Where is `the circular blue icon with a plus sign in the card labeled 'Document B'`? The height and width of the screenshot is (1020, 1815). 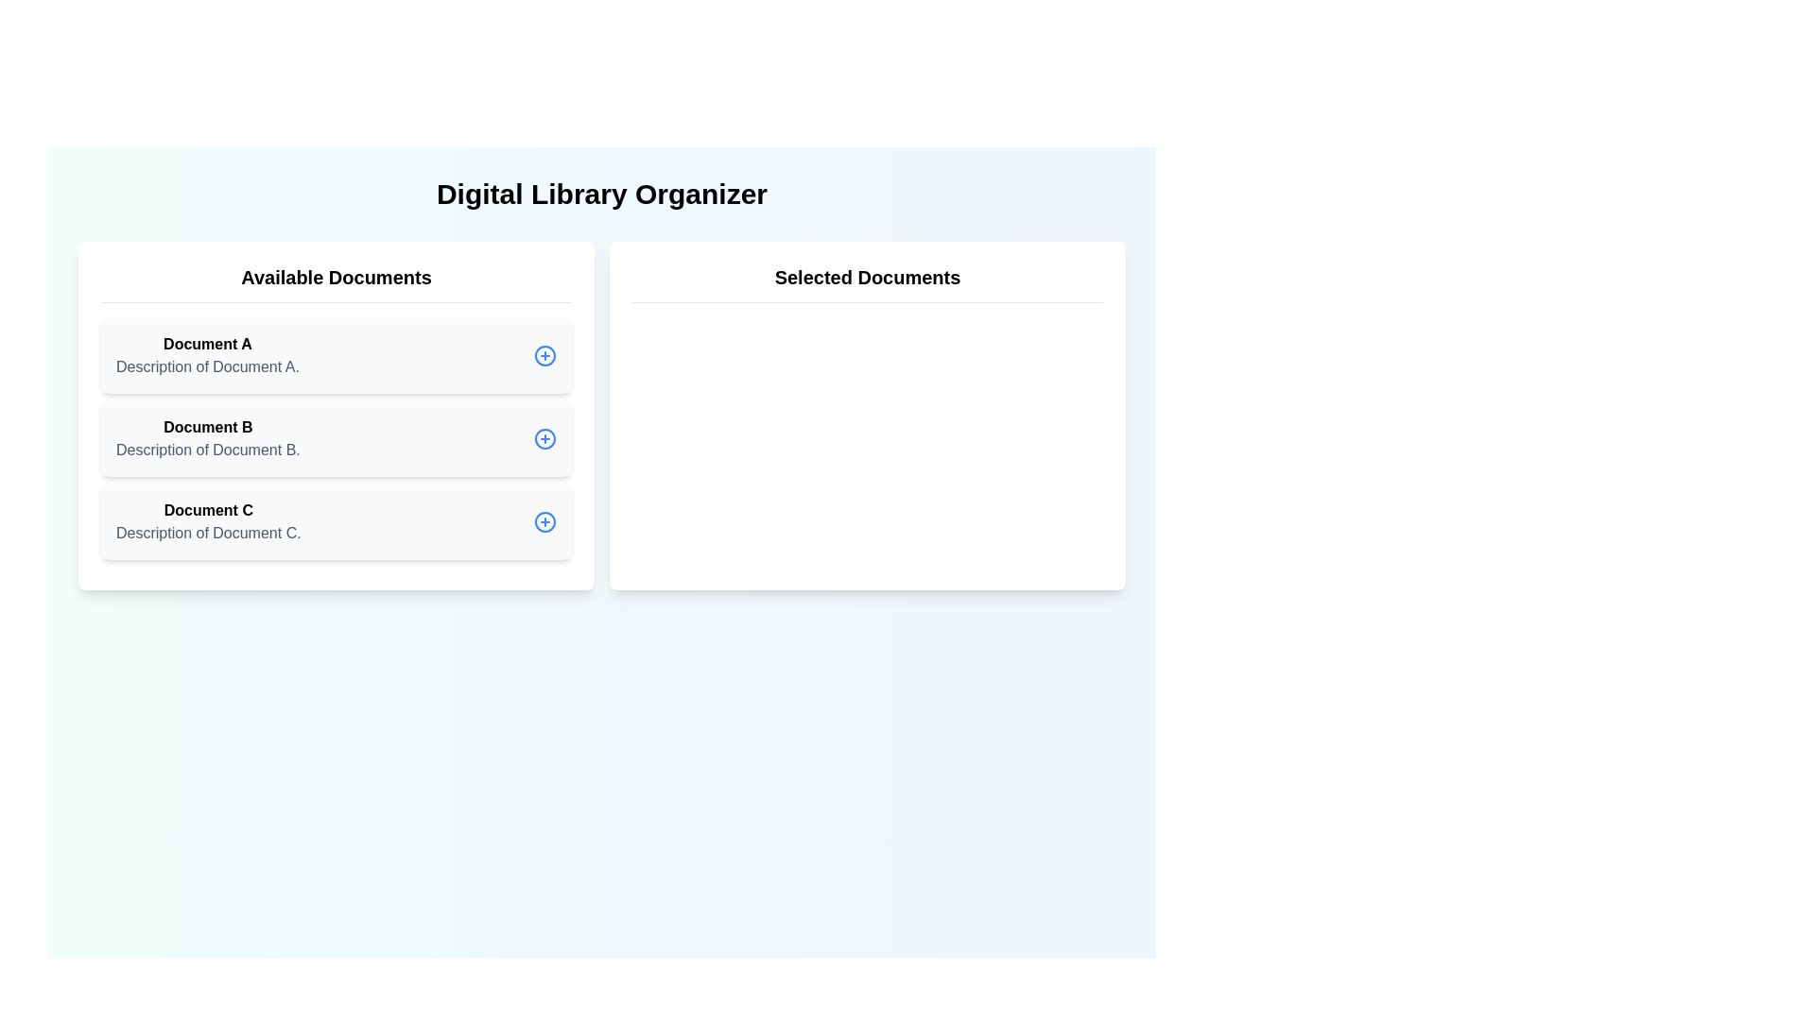 the circular blue icon with a plus sign in the card labeled 'Document B' is located at coordinates (544, 439).